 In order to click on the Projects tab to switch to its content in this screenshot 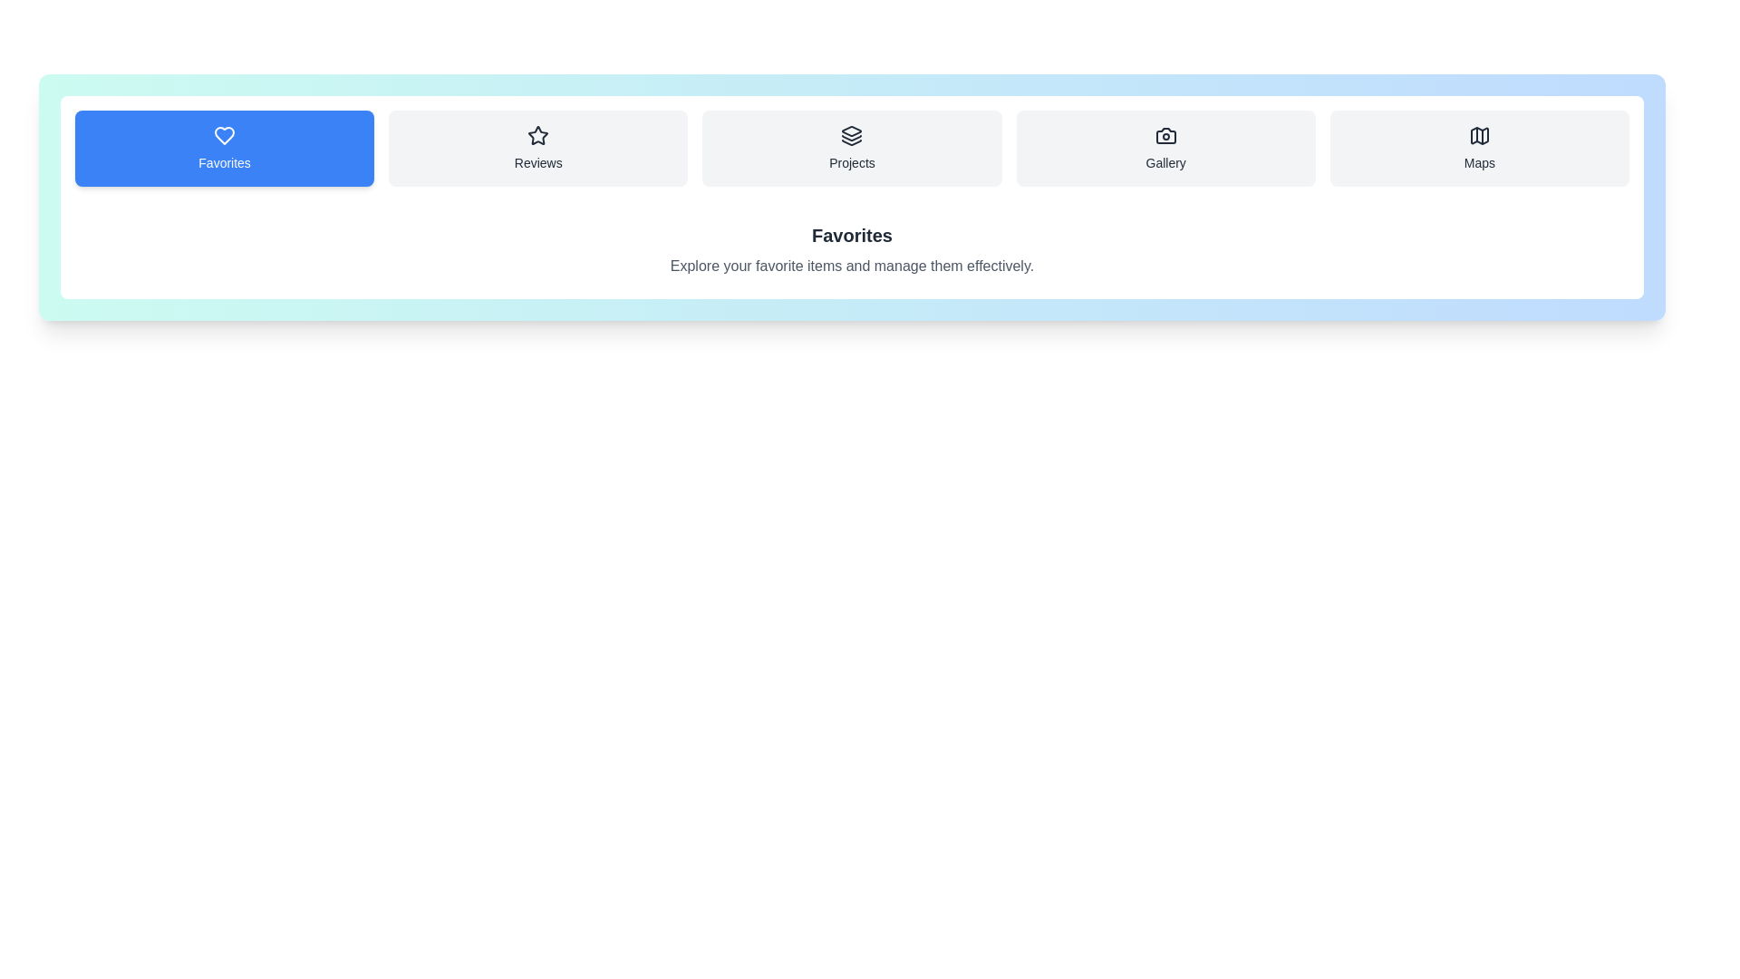, I will do `click(851, 148)`.